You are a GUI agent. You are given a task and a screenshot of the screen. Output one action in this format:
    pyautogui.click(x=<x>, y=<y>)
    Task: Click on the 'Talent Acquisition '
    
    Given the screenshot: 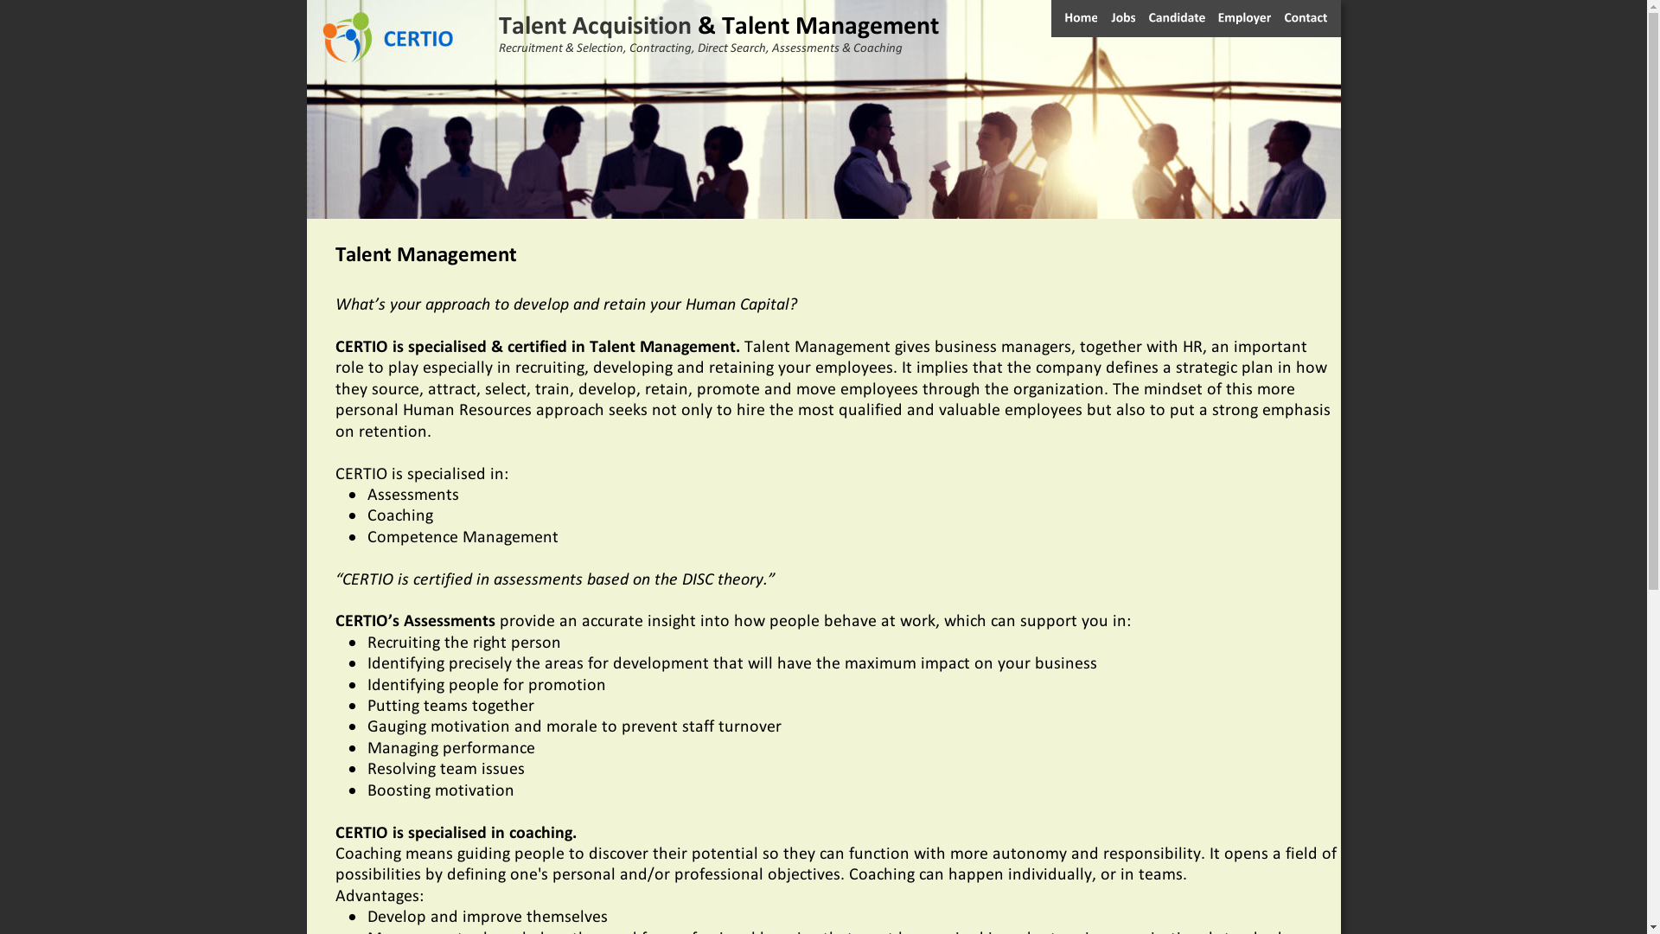 What is the action you would take?
    pyautogui.click(x=497, y=17)
    